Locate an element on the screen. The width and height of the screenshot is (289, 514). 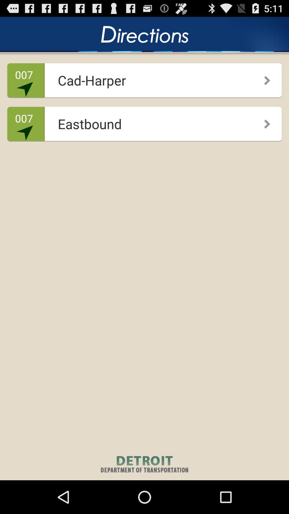
the icon to the right of eastbound app is located at coordinates (263, 122).